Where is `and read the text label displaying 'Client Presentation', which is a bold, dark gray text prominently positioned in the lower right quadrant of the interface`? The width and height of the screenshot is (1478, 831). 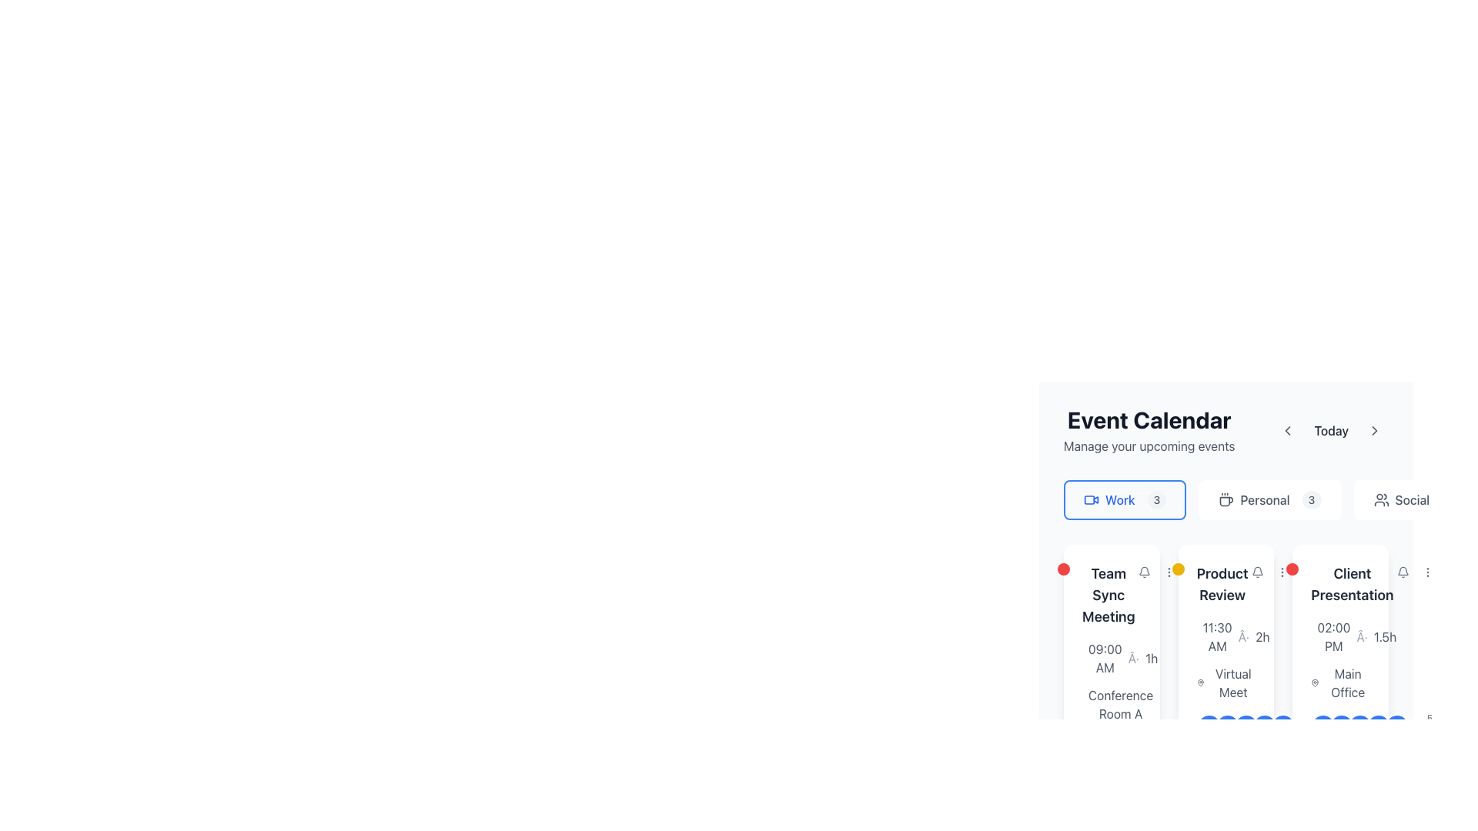
and read the text label displaying 'Client Presentation', which is a bold, dark gray text prominently positioned in the lower right quadrant of the interface is located at coordinates (1351, 584).